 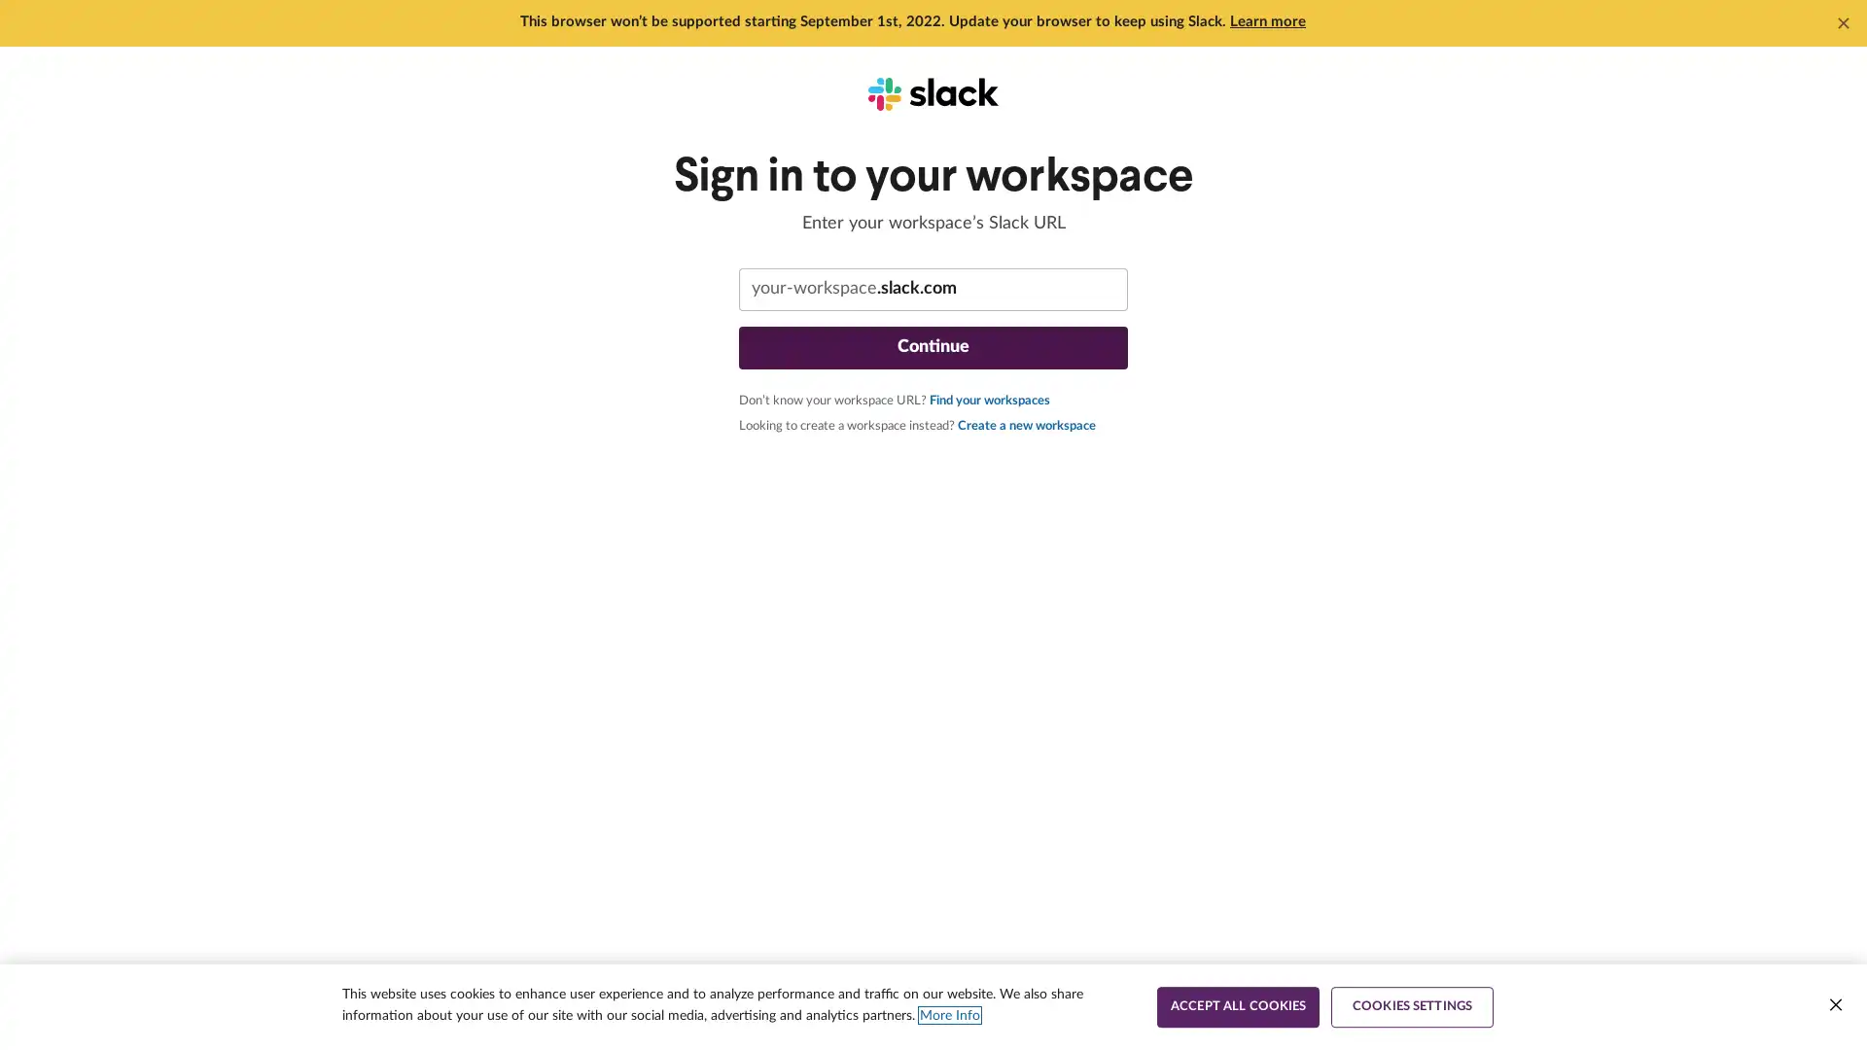 I want to click on Continue, so click(x=933, y=347).